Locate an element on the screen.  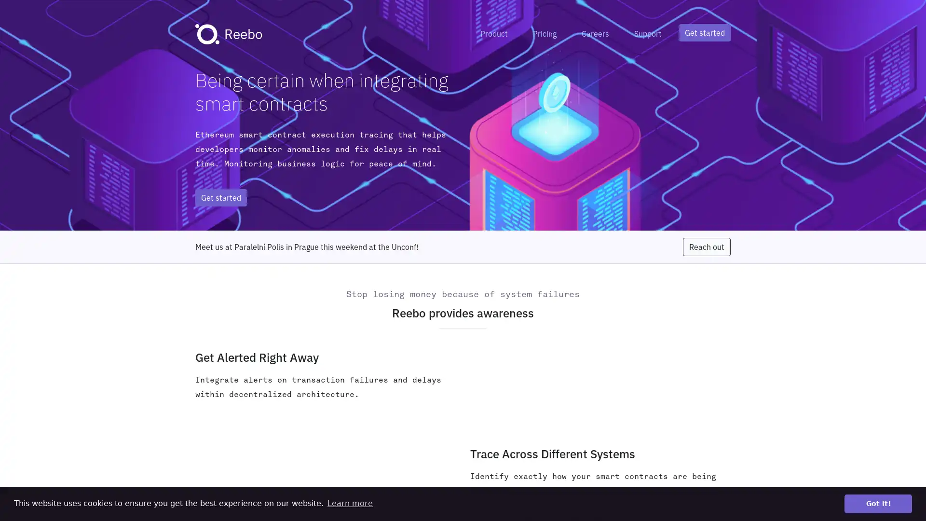
learn more about cookies is located at coordinates (349, 503).